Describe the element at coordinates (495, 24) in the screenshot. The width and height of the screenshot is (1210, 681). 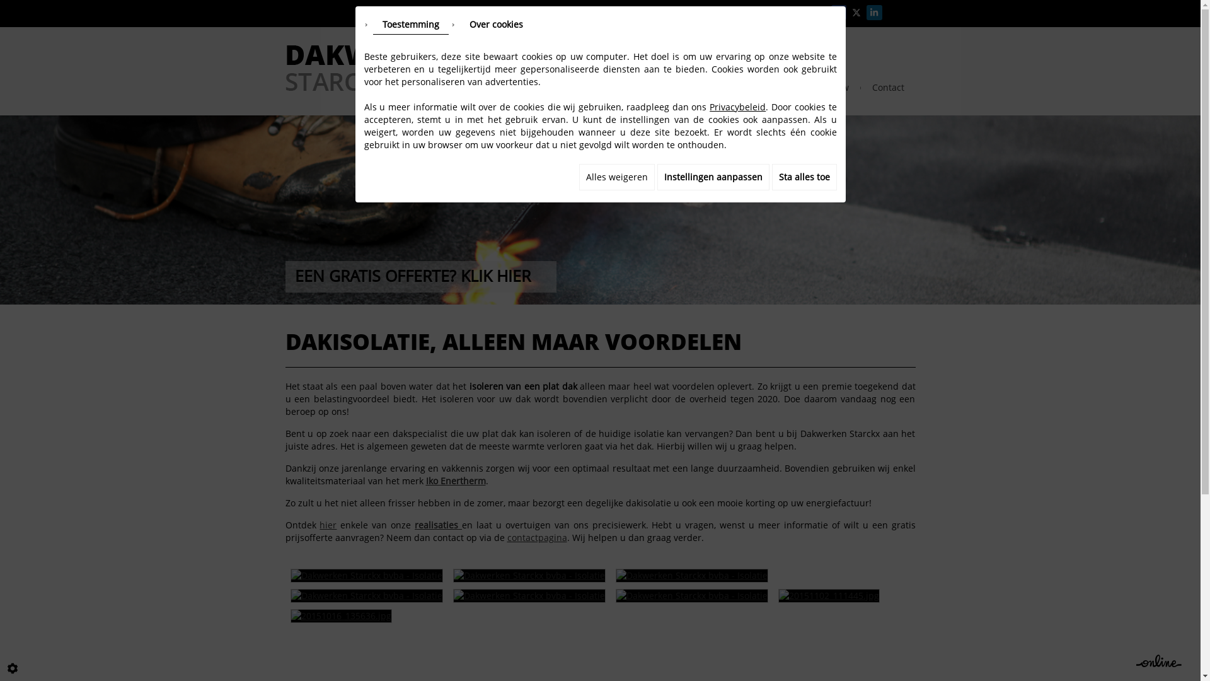
I see `'Over cookies'` at that location.